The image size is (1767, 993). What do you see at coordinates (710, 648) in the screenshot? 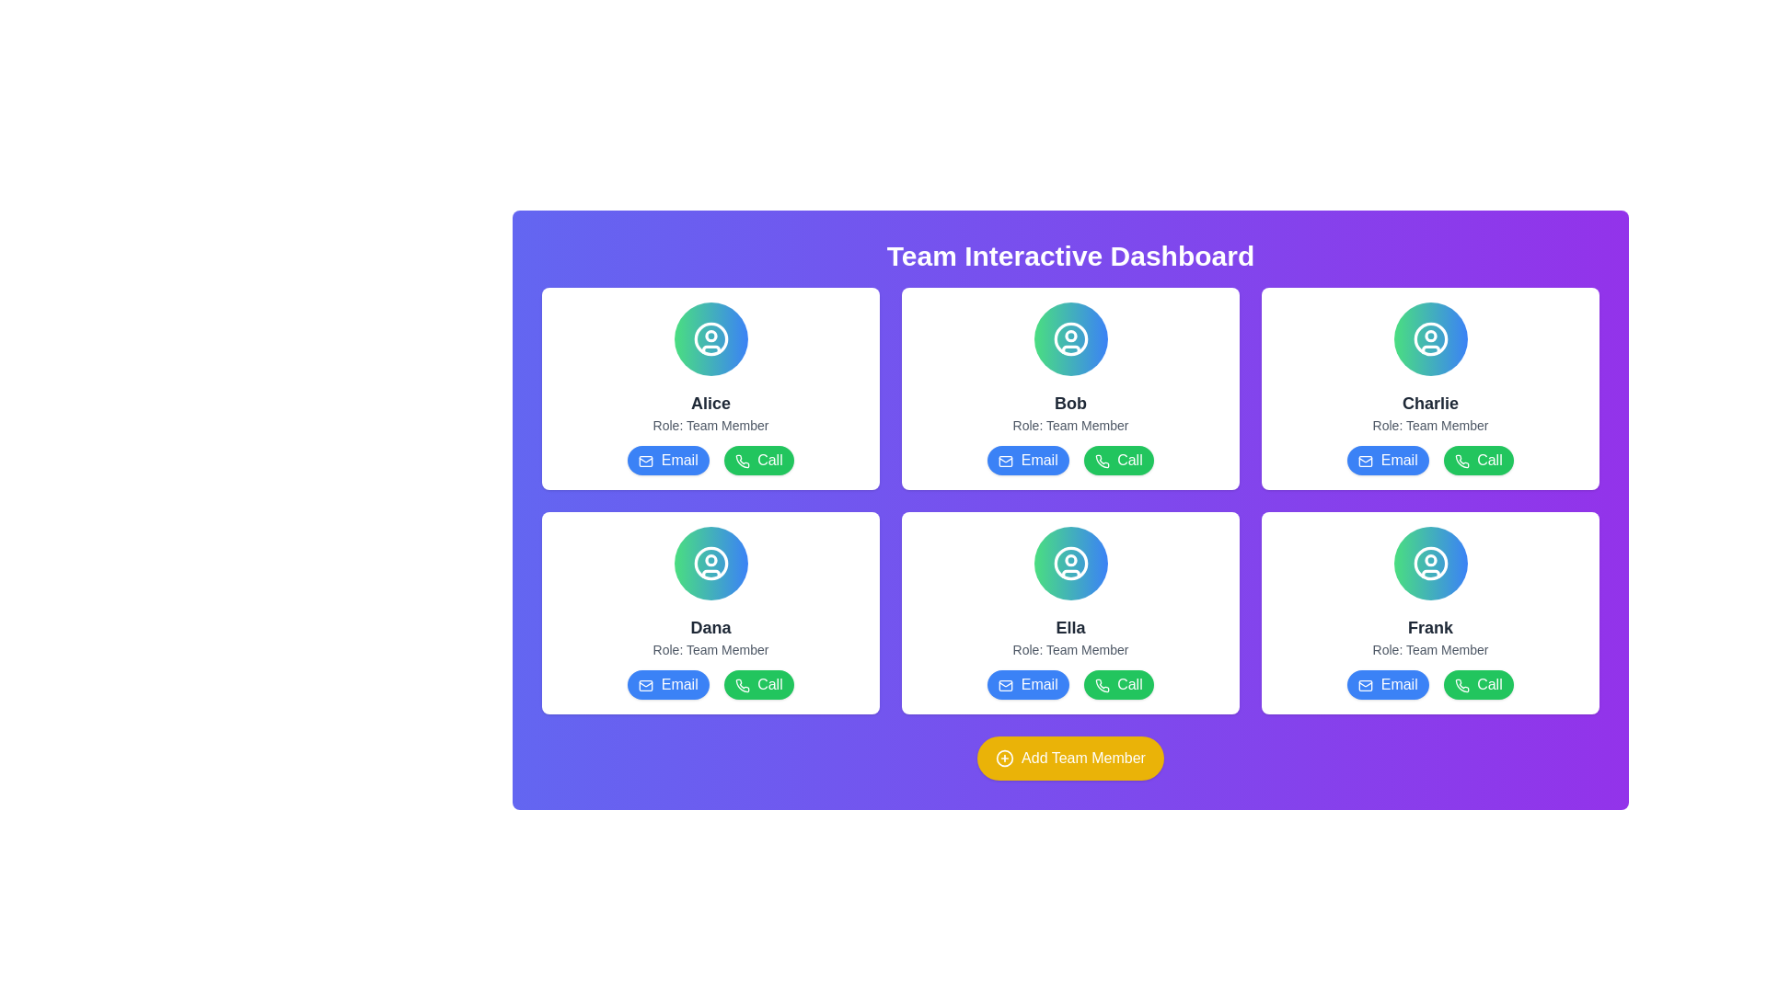
I see `the text label displaying 'Role: Team Member' which is located below the name 'Dana' in the profile card` at bounding box center [710, 648].